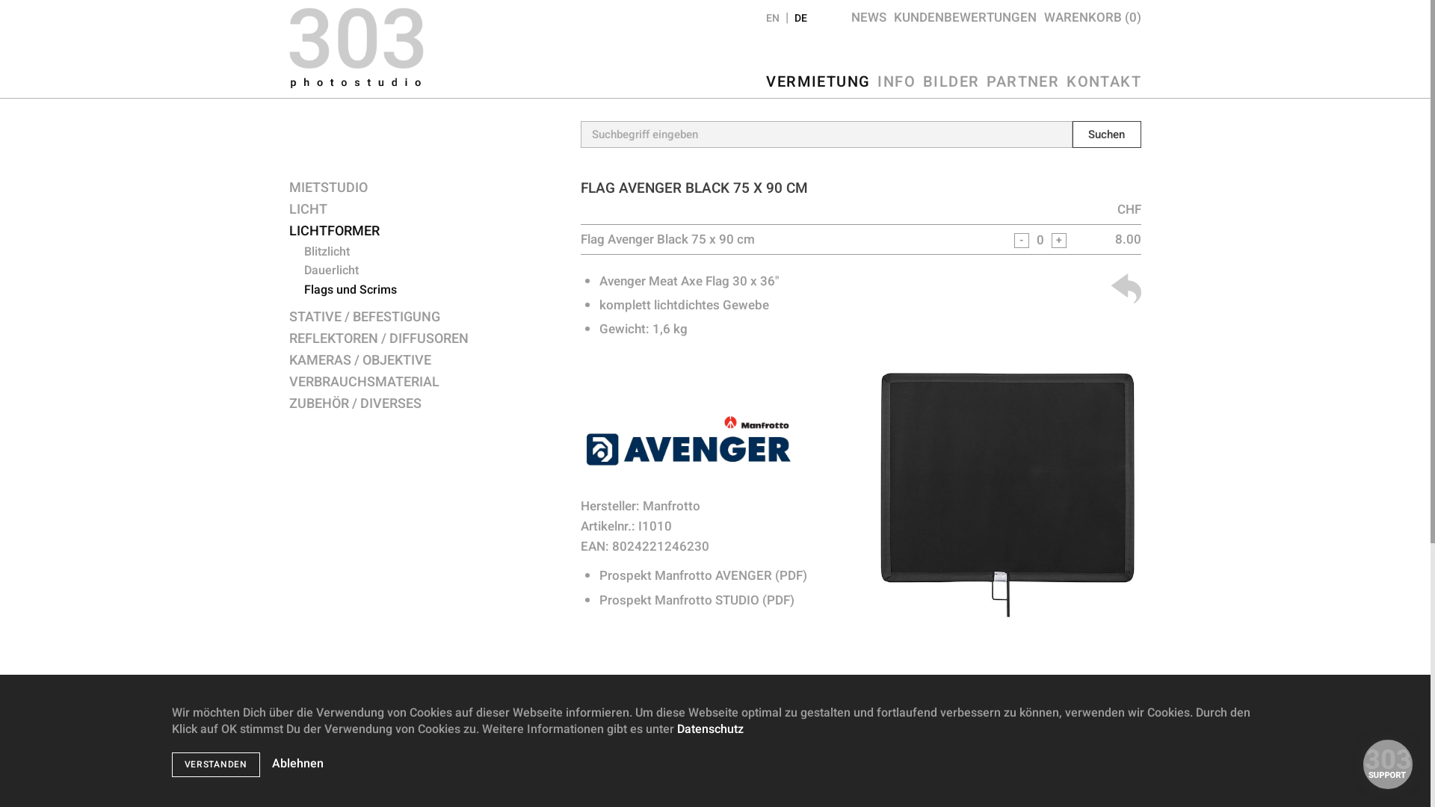  I want to click on 'VERBRAUCHSMATERIAL', so click(289, 382).